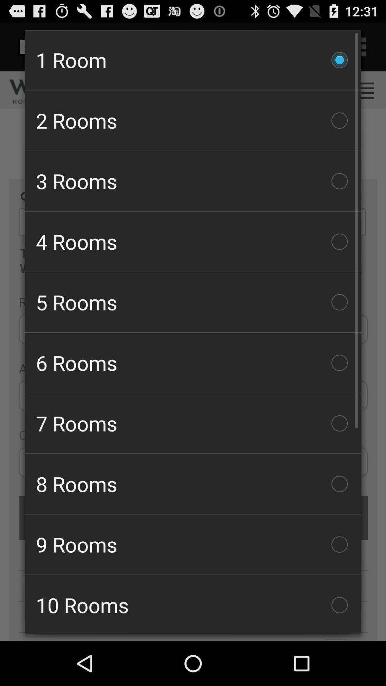 This screenshot has height=686, width=386. I want to click on icon above the 7 rooms item, so click(193, 363).